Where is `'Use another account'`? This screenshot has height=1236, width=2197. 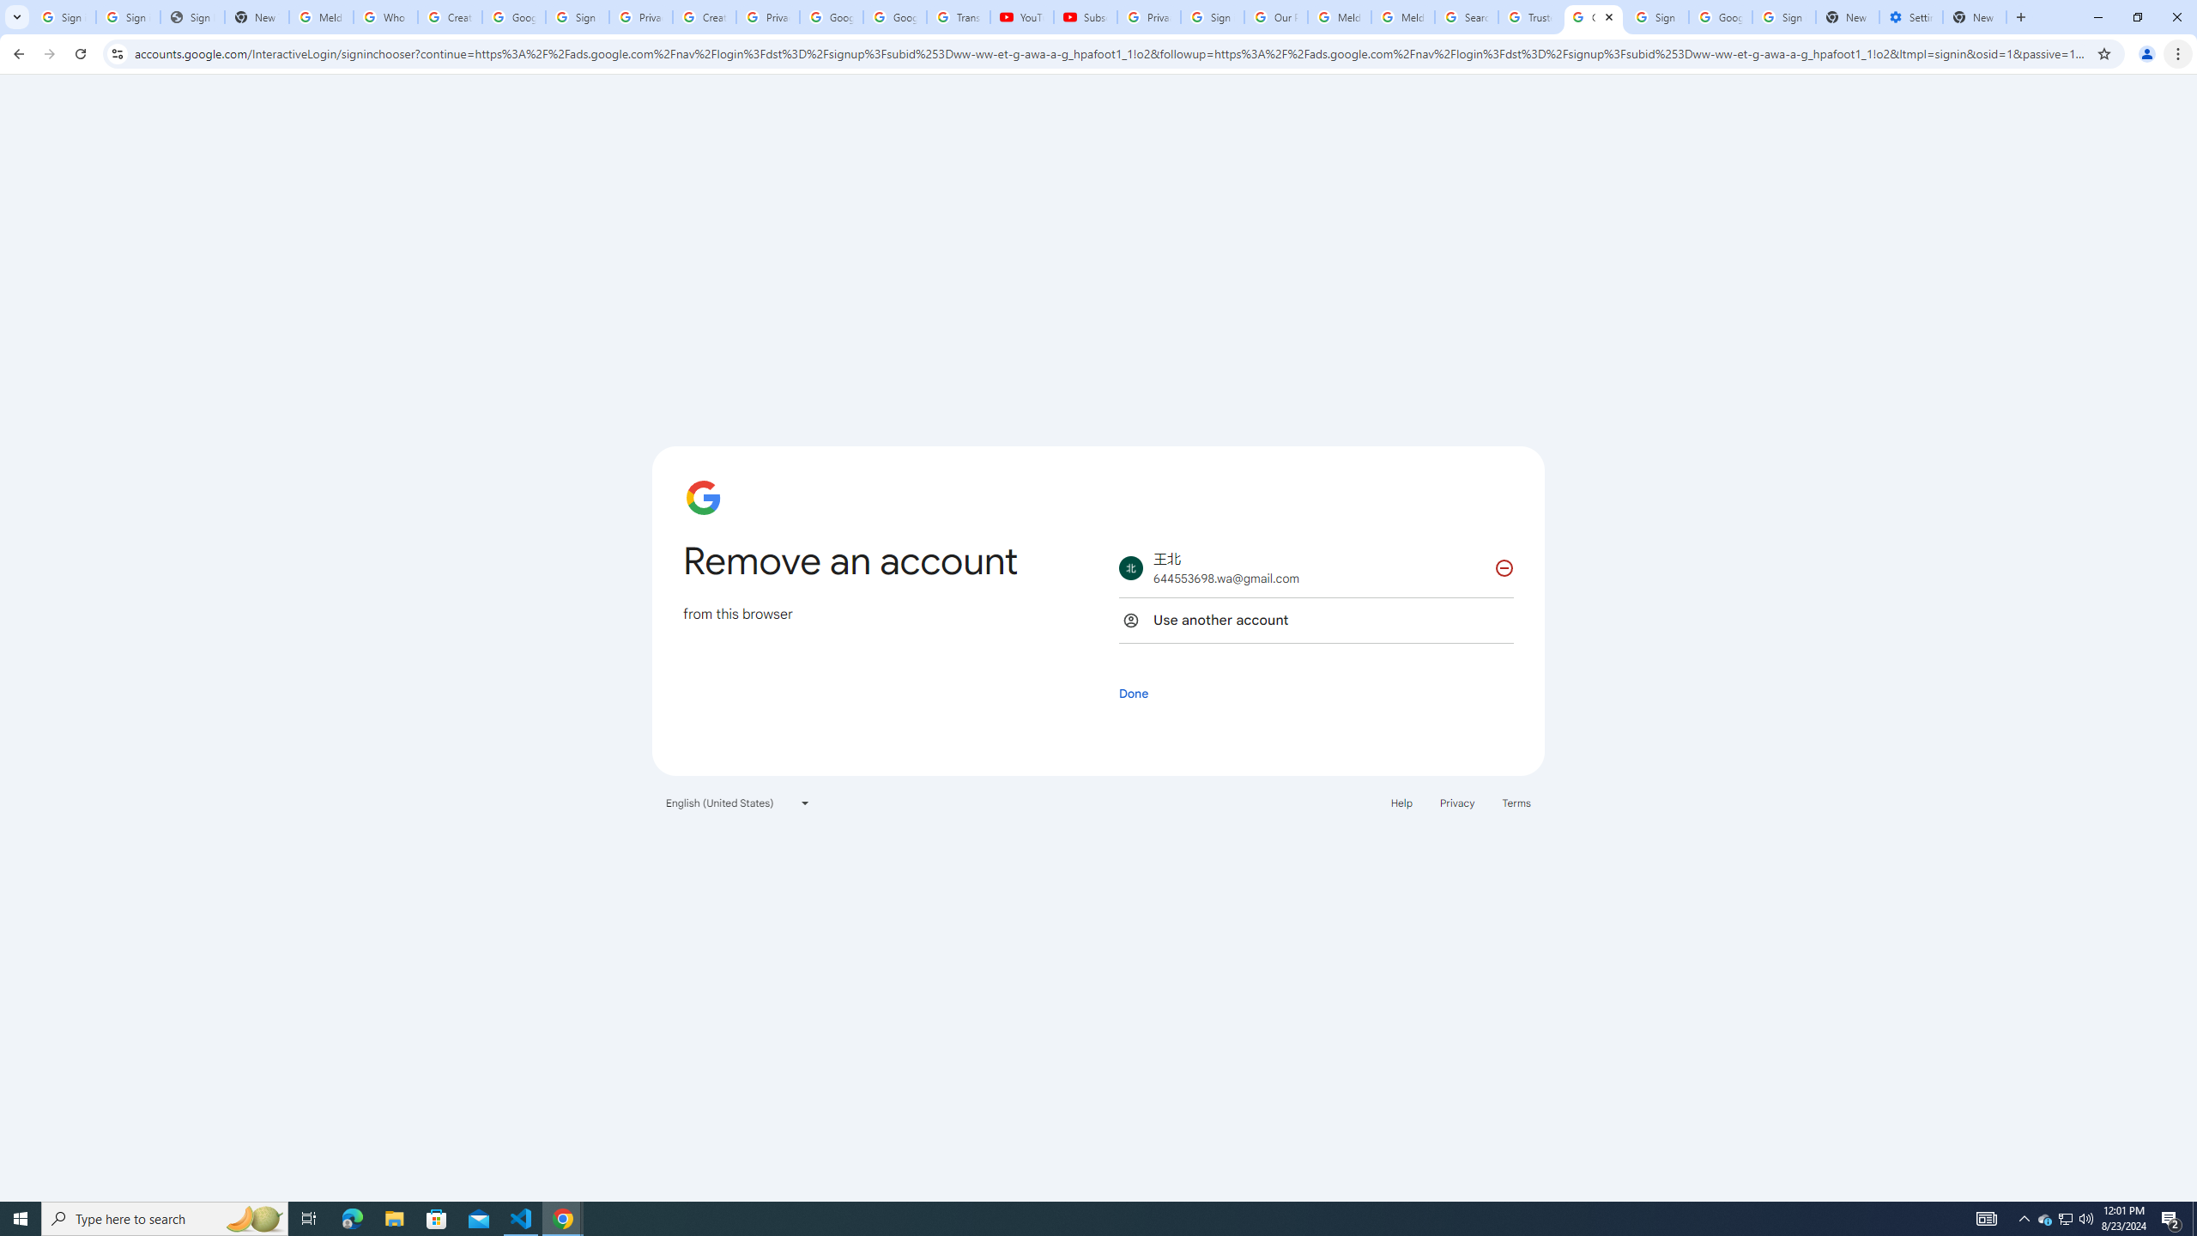
'Use another account' is located at coordinates (1315, 619).